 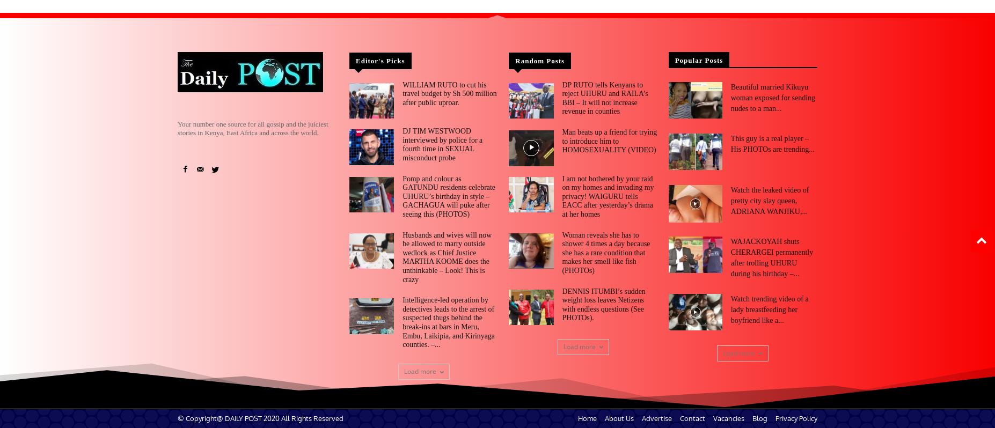 What do you see at coordinates (609, 243) in the screenshot?
I see `'Woman reveals she has to shower 4 times a day because she has a rare condition that makes her smell like fish (PHOTOs)'` at bounding box center [609, 243].